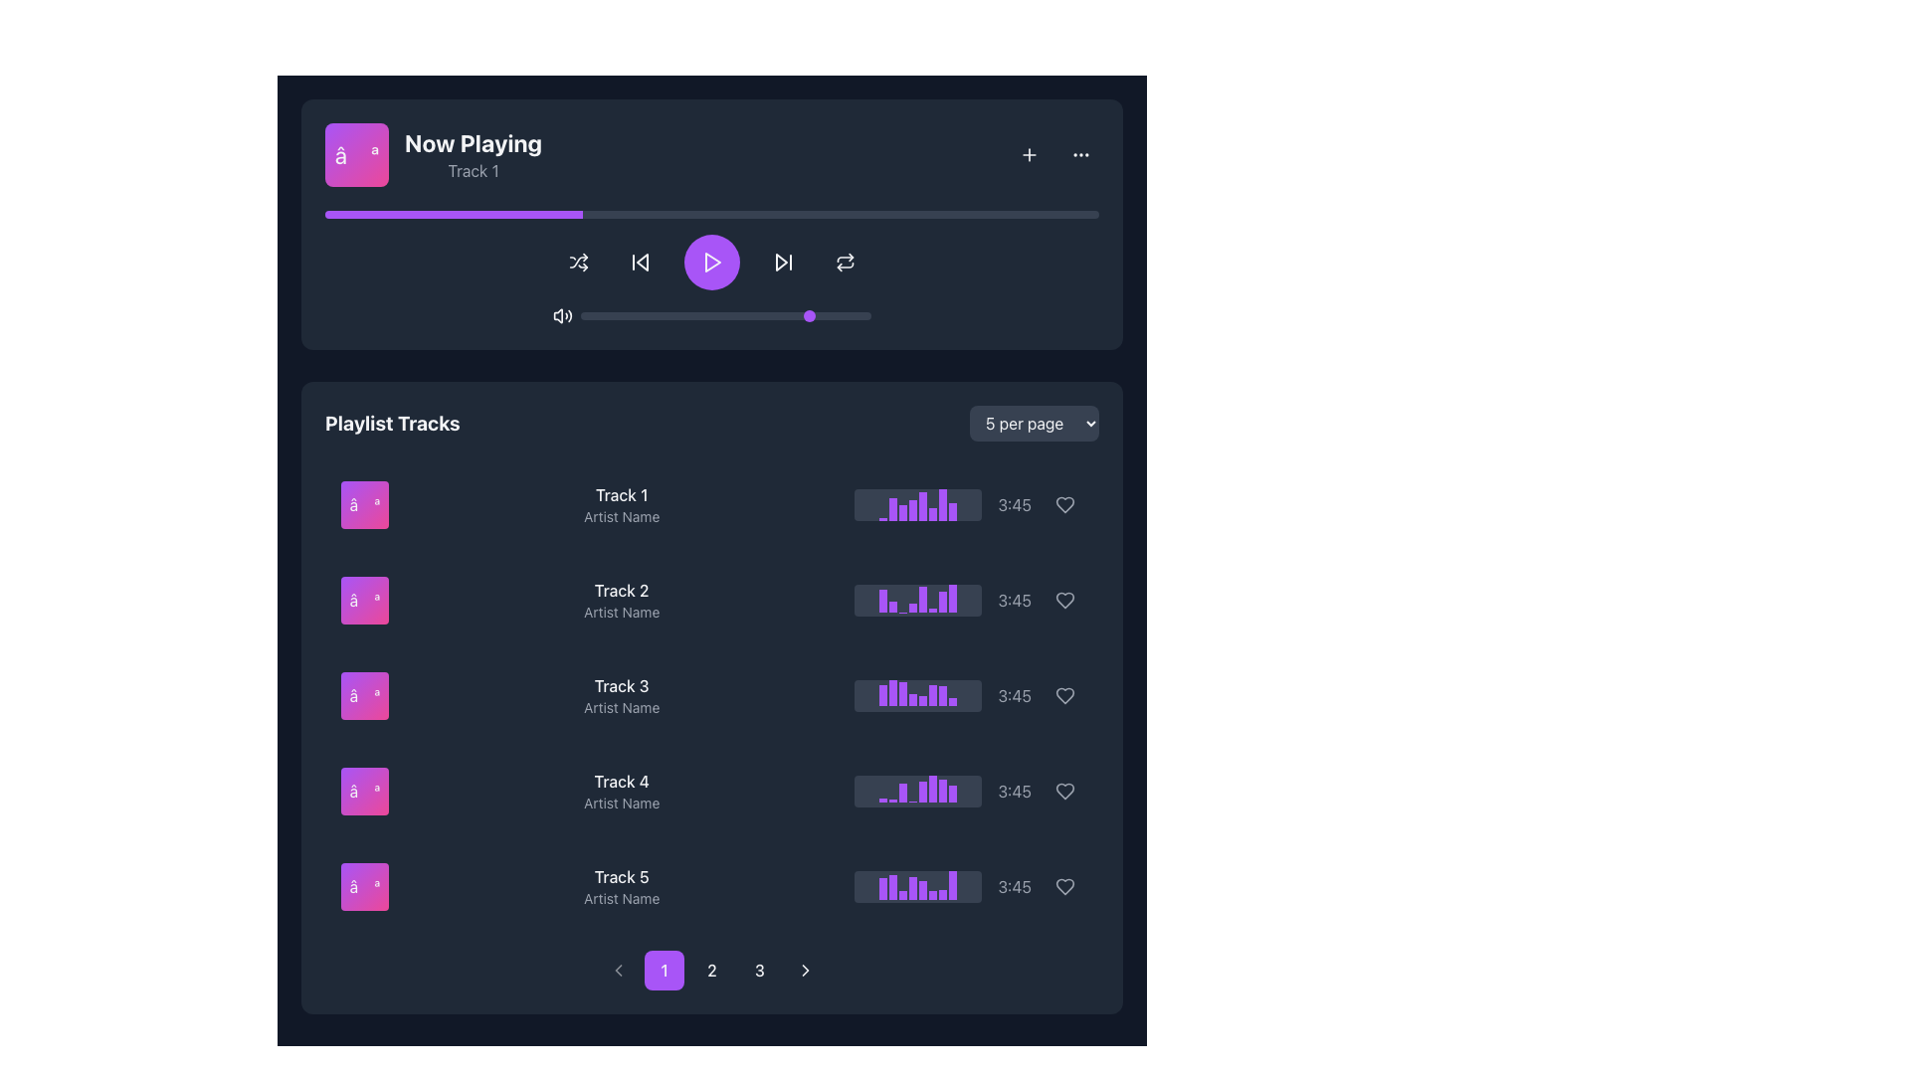 This screenshot has height=1074, width=1910. Describe the element at coordinates (621, 898) in the screenshot. I see `the informational text label displaying the artist's name for the fifth track in the playlist, located in the fifth row underneath 'Track 5'` at that location.